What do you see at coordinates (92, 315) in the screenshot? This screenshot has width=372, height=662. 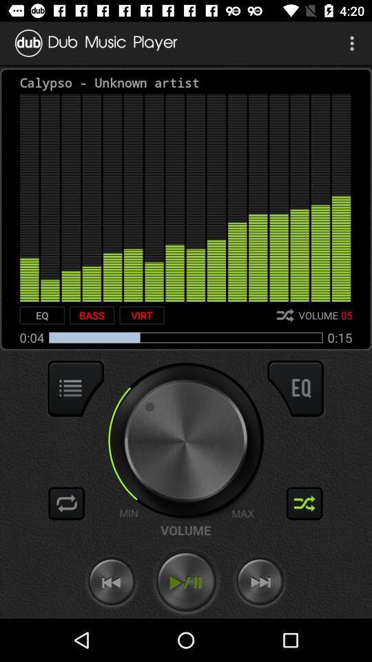 I see `icon to the right of the   eq` at bounding box center [92, 315].